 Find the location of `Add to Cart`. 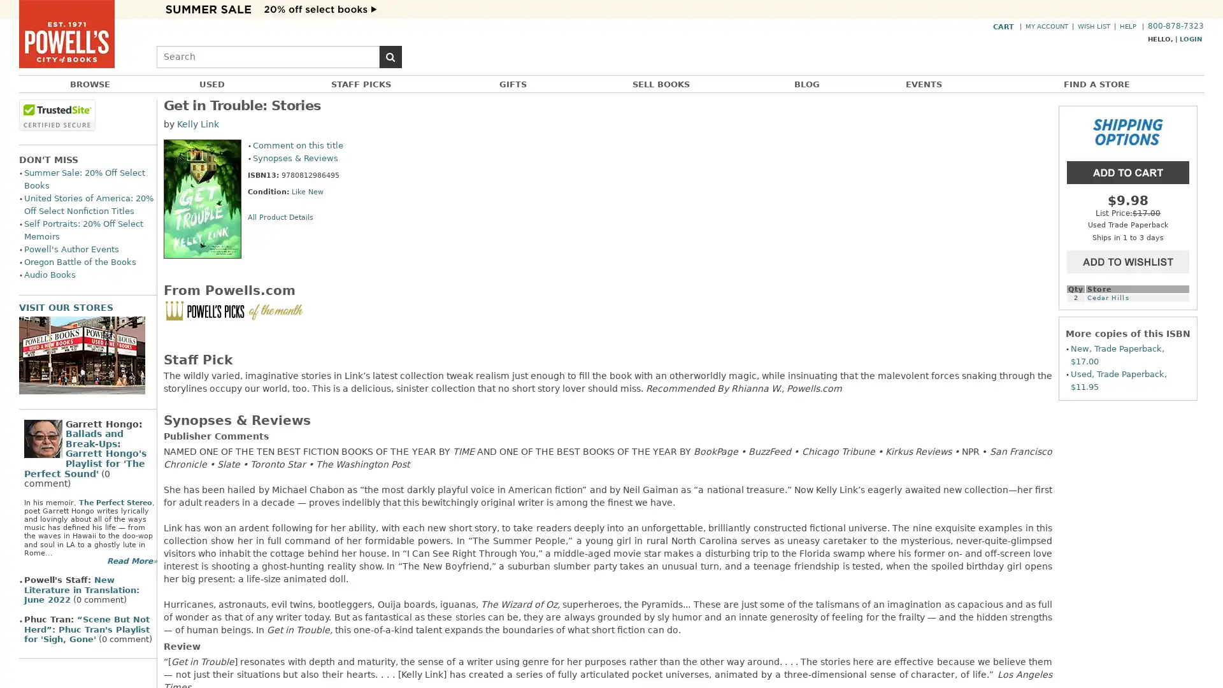

Add to Cart is located at coordinates (1128, 171).